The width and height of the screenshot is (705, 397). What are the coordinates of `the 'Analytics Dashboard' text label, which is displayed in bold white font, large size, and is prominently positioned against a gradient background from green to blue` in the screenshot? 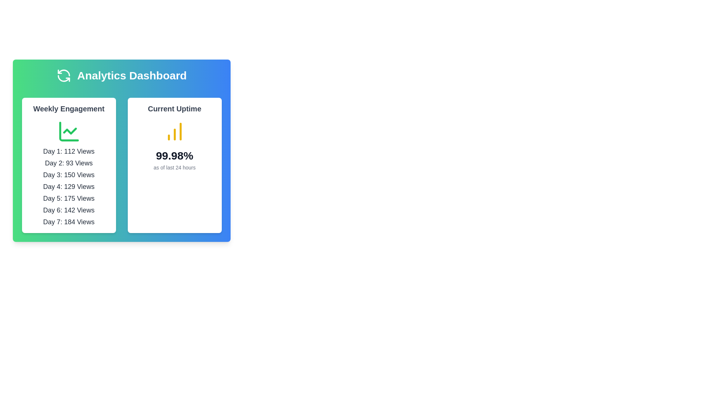 It's located at (132, 75).